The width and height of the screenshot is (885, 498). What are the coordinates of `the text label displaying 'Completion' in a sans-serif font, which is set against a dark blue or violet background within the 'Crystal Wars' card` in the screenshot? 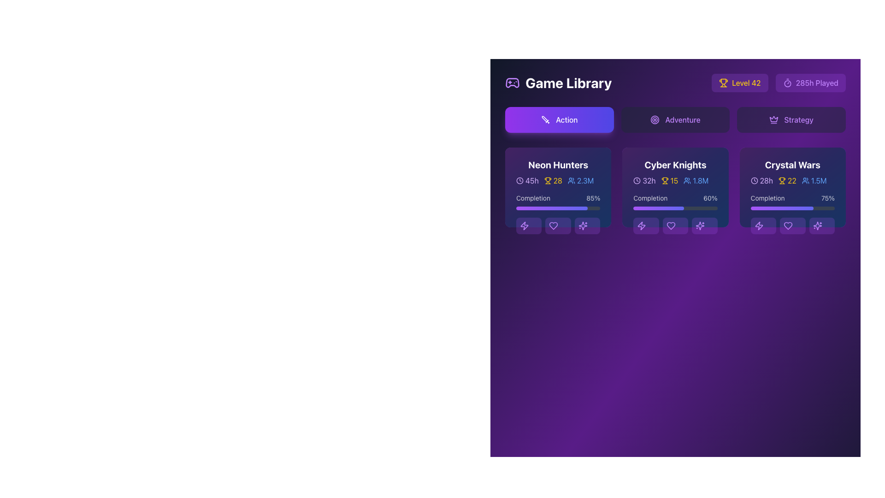 It's located at (767, 197).